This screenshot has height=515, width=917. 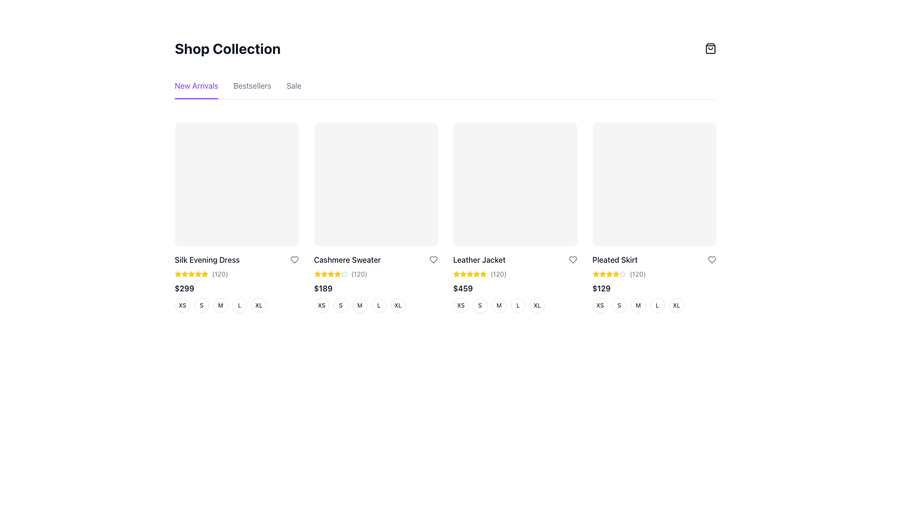 What do you see at coordinates (191, 274) in the screenshot?
I see `the fifth star icon, which is part of the rating system for the Silk Evening Dress, located just below the product image and above the price label` at bounding box center [191, 274].